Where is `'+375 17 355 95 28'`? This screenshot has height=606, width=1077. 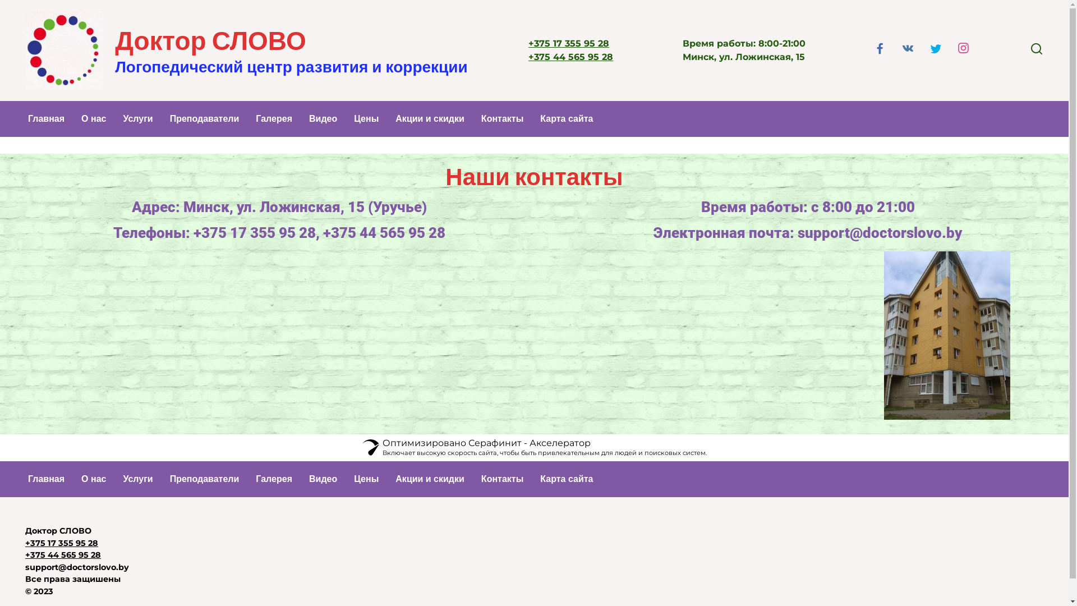 '+375 17 355 95 28' is located at coordinates (568, 43).